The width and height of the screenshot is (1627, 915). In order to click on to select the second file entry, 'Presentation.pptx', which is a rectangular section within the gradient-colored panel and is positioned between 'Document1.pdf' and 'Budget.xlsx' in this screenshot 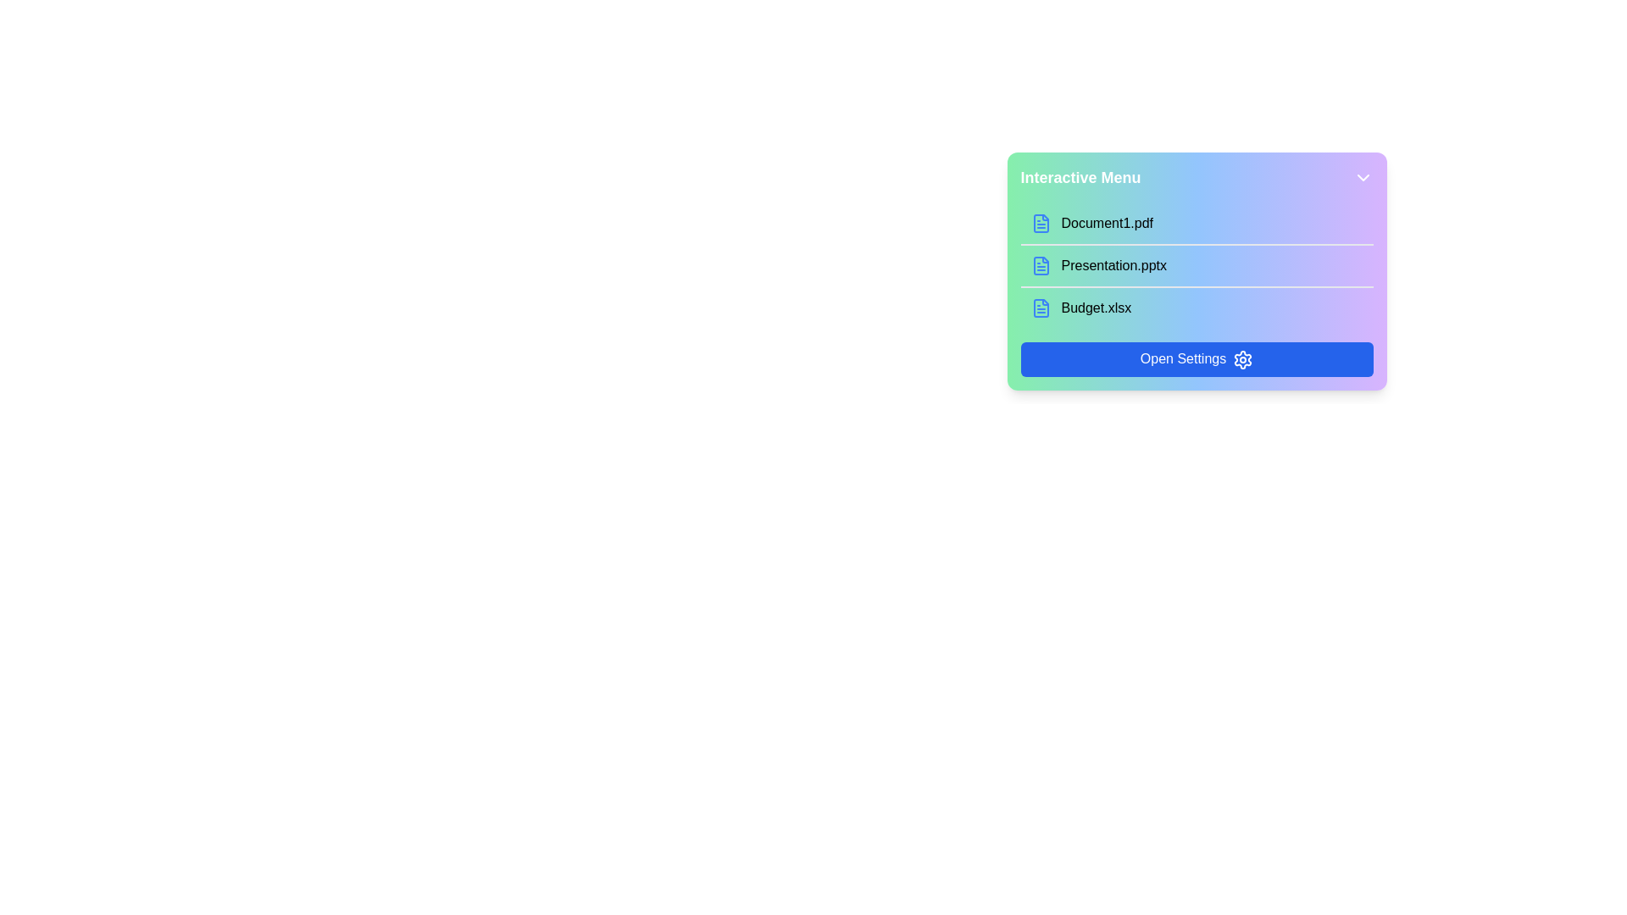, I will do `click(1196, 265)`.